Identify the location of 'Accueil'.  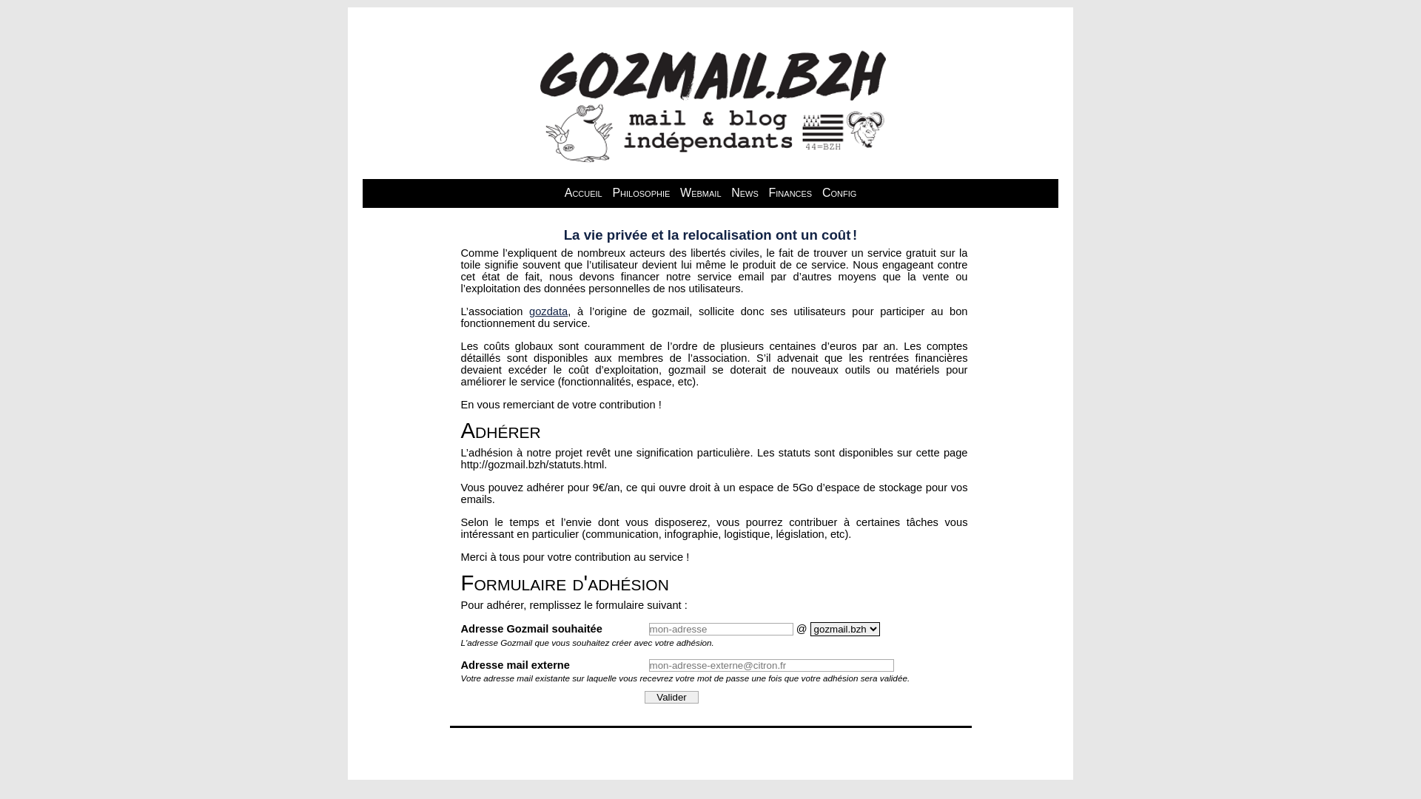
(582, 192).